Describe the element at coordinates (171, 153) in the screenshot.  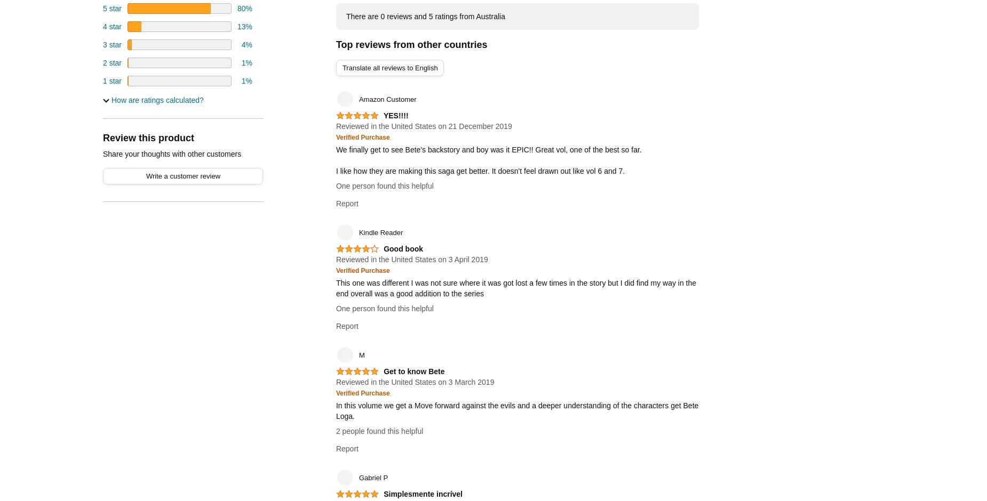
I see `'Share your thoughts with other customers'` at that location.